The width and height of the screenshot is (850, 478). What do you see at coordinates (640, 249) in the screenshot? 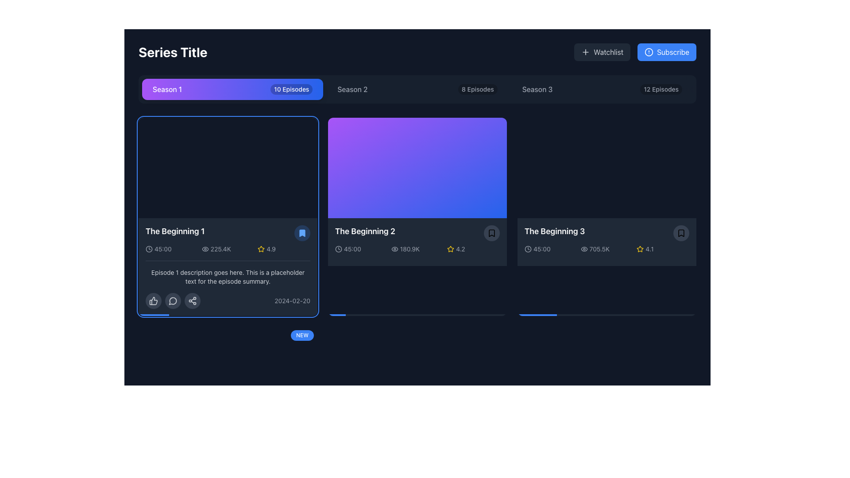
I see `the gold star-shaped icon indicating a rating symbol next to the numeric value '4.1' in the rating section of 'The Beginning 3' card` at bounding box center [640, 249].